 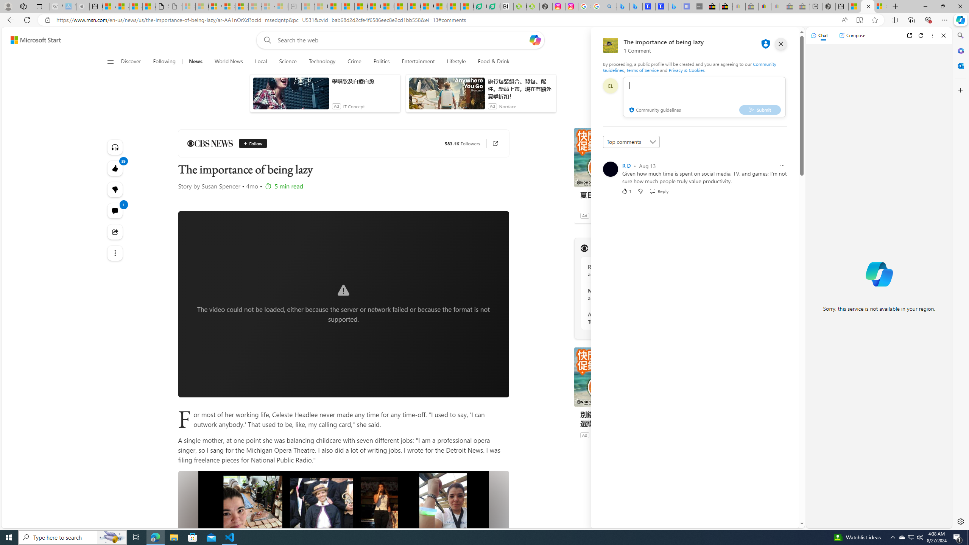 I want to click on 'LendingTree - Compare Lenders', so click(x=494, y=6).